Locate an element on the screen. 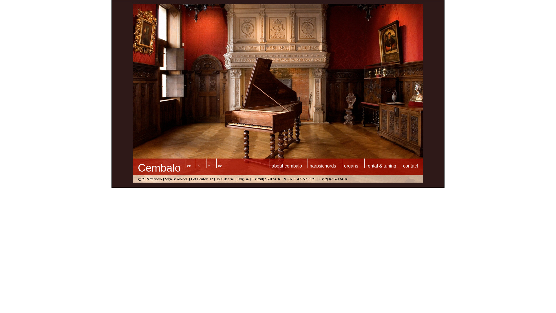 The image size is (556, 313). 'contact' is located at coordinates (410, 166).